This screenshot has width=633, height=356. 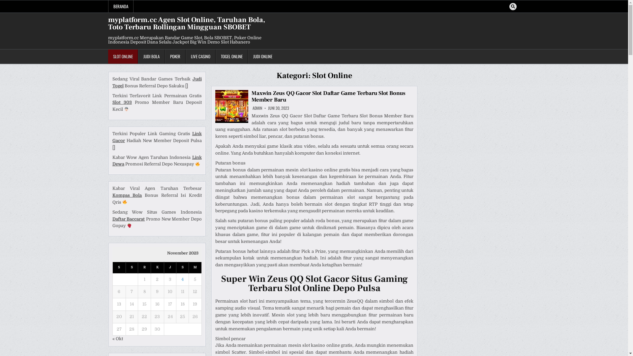 I want to click on 'ADMIN', so click(x=257, y=107).